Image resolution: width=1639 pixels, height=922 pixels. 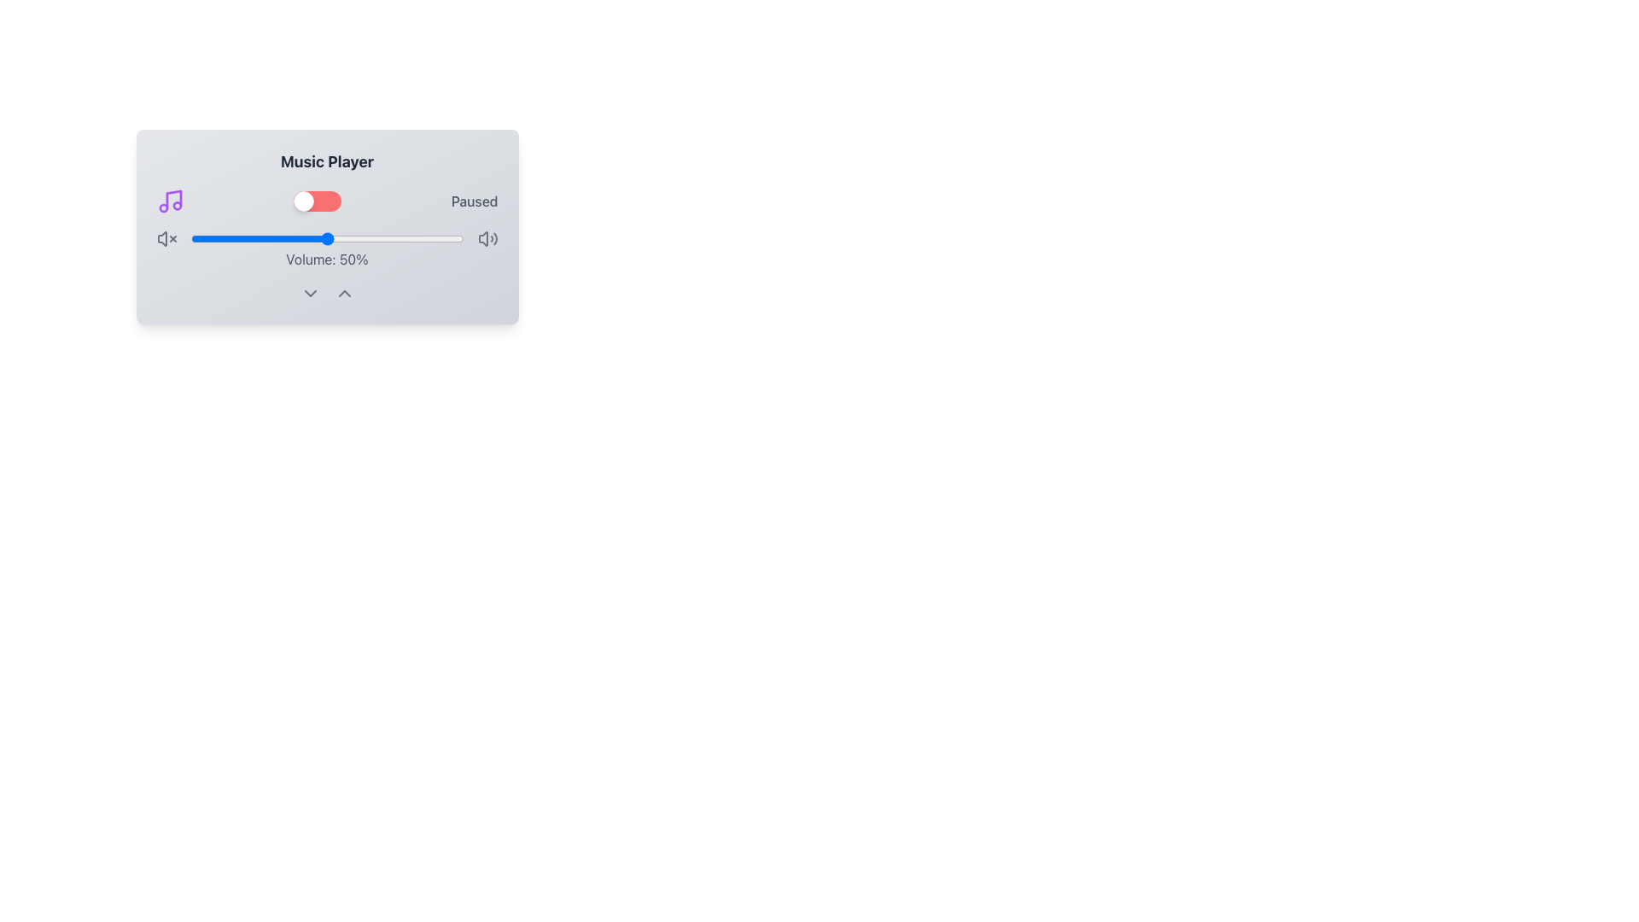 I want to click on volume, so click(x=423, y=239).